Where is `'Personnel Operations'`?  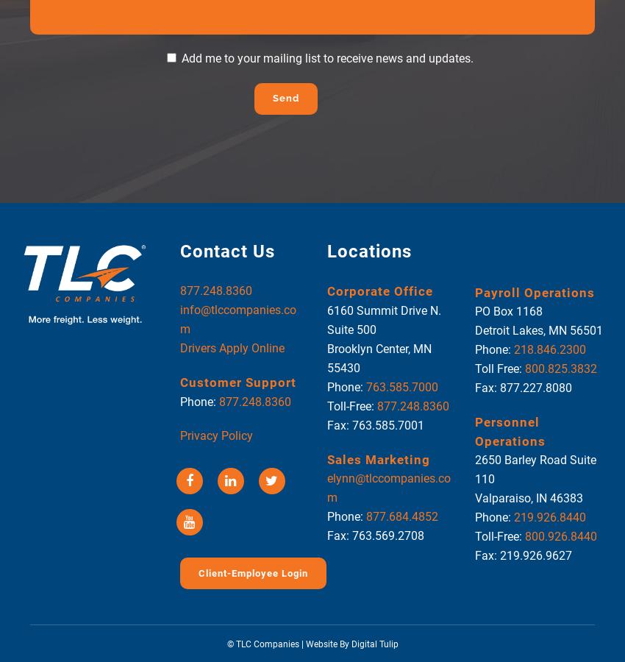
'Personnel Operations' is located at coordinates (474, 431).